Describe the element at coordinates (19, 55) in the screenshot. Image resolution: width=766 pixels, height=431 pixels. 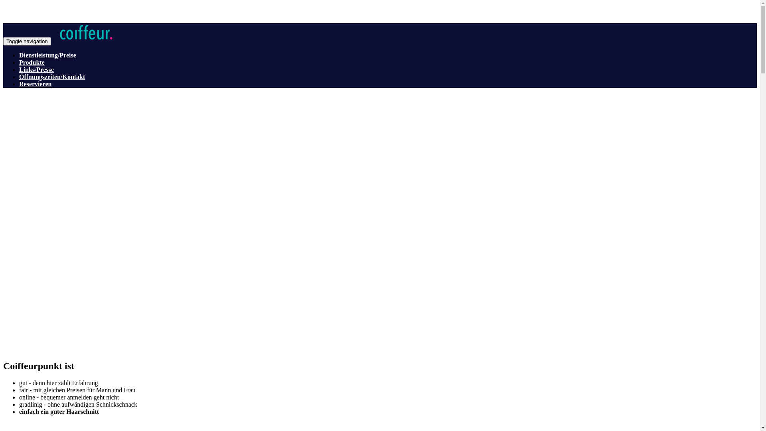
I see `'Dienstleistung/Preise'` at that location.